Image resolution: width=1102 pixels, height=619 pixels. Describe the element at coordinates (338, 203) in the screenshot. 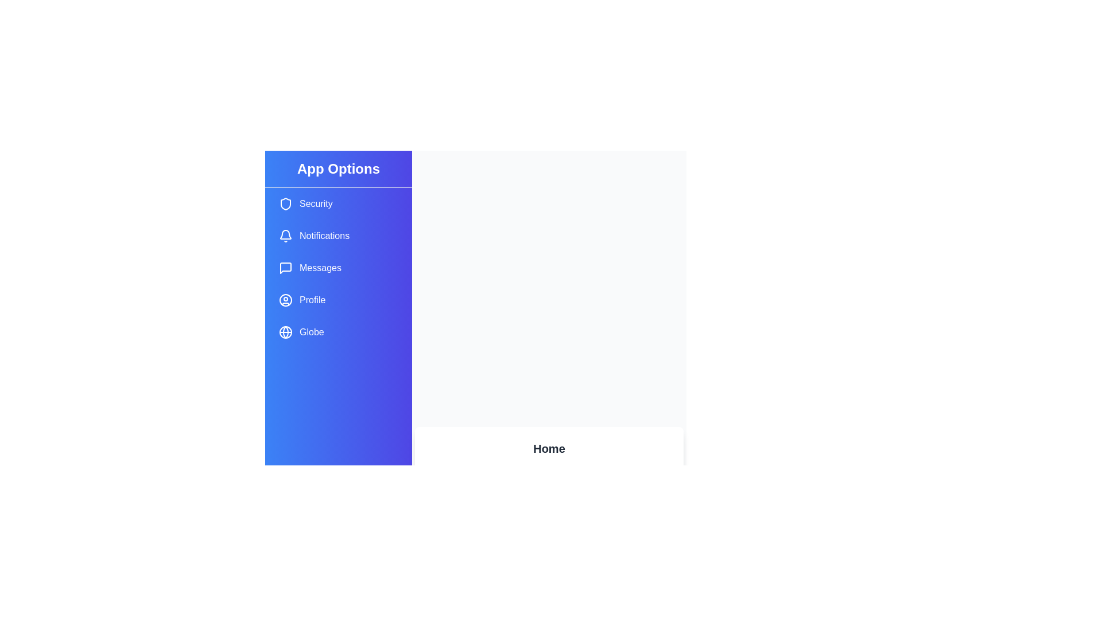

I see `the sidebar item corresponding to Security` at that location.